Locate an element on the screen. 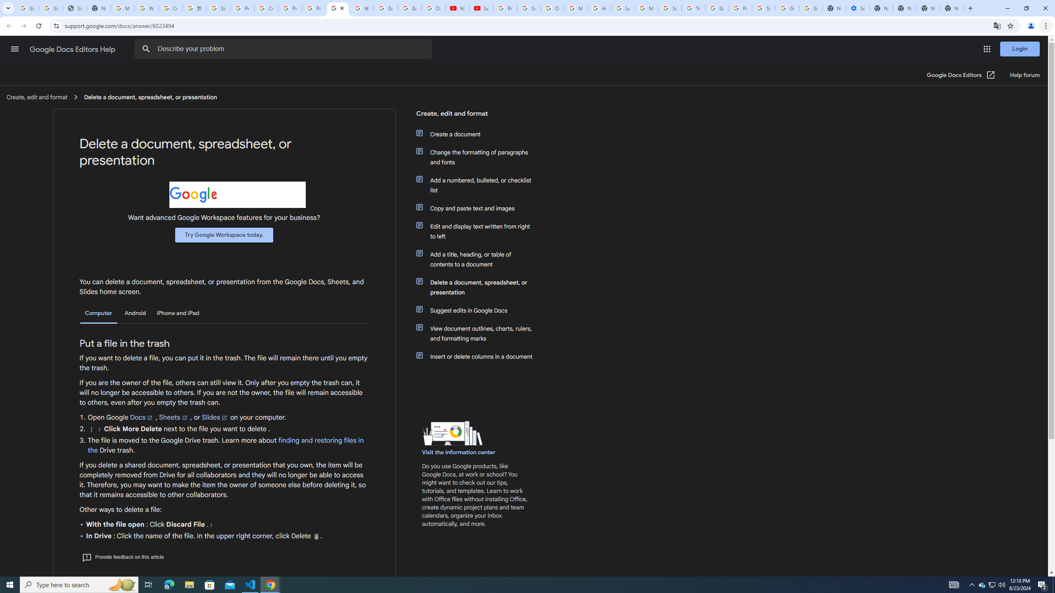  'finding and restoring files in the' is located at coordinates (225, 445).